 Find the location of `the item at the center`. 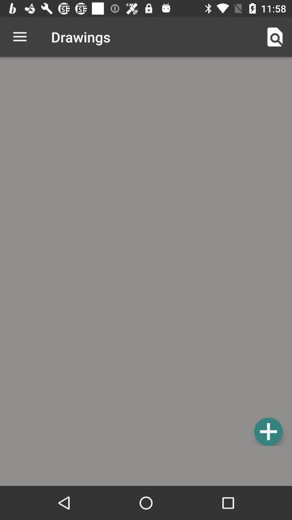

the item at the center is located at coordinates (146, 253).